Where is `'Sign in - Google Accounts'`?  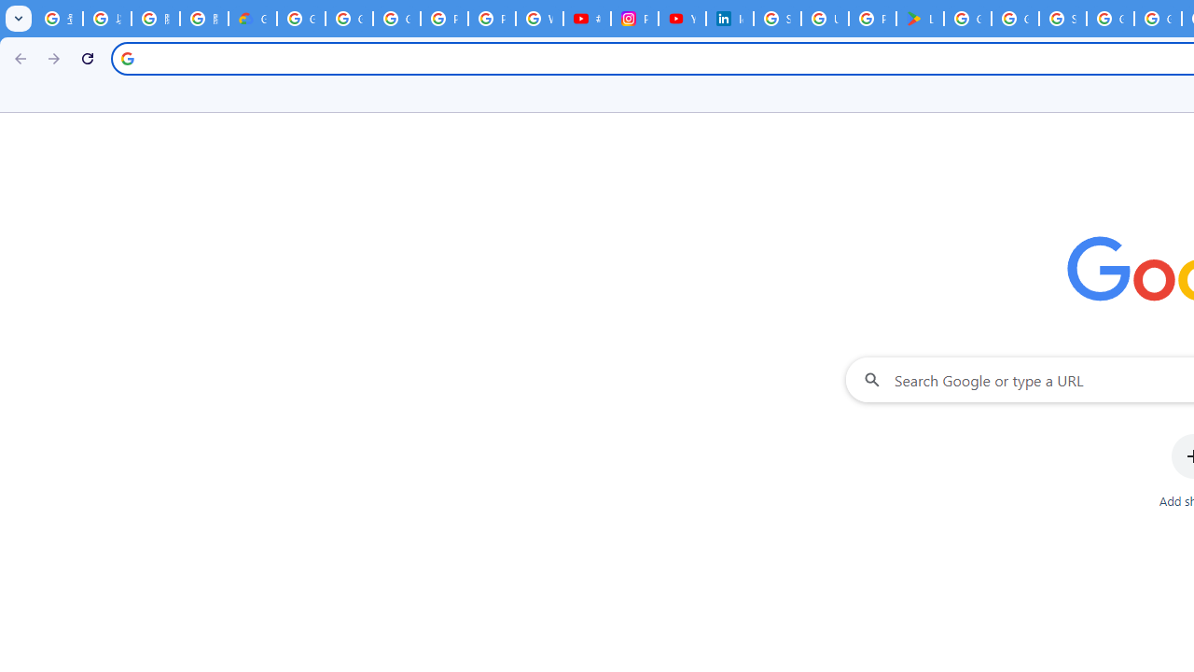
'Sign in - Google Accounts' is located at coordinates (1062, 19).